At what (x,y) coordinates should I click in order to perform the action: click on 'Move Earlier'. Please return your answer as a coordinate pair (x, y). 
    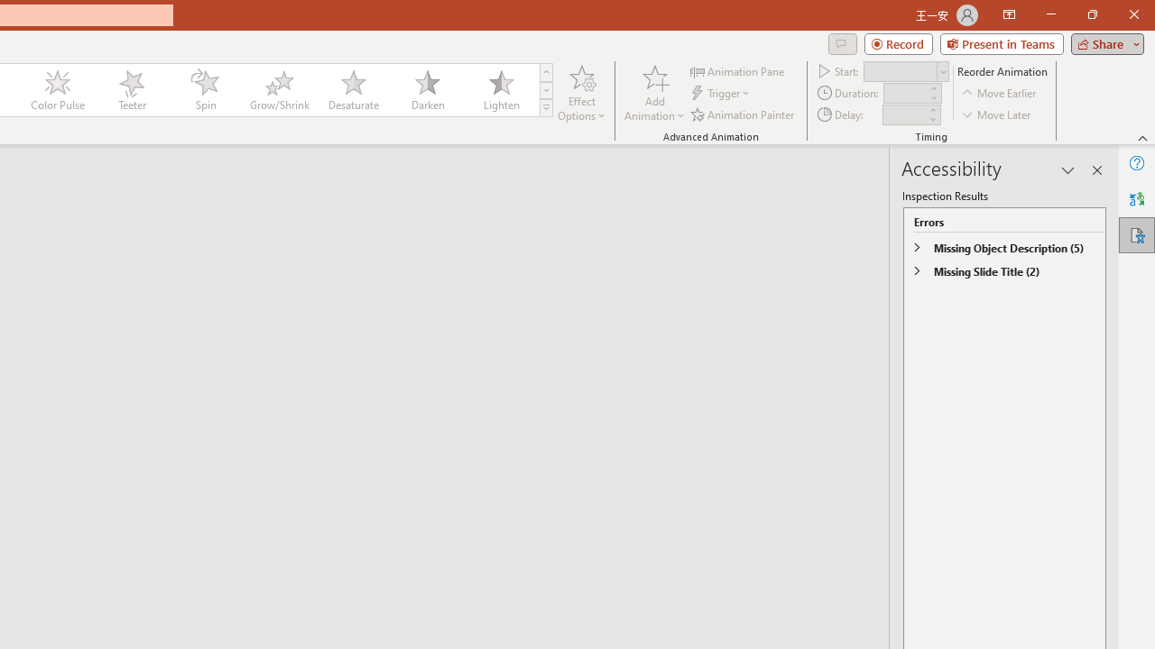
    Looking at the image, I should click on (998, 93).